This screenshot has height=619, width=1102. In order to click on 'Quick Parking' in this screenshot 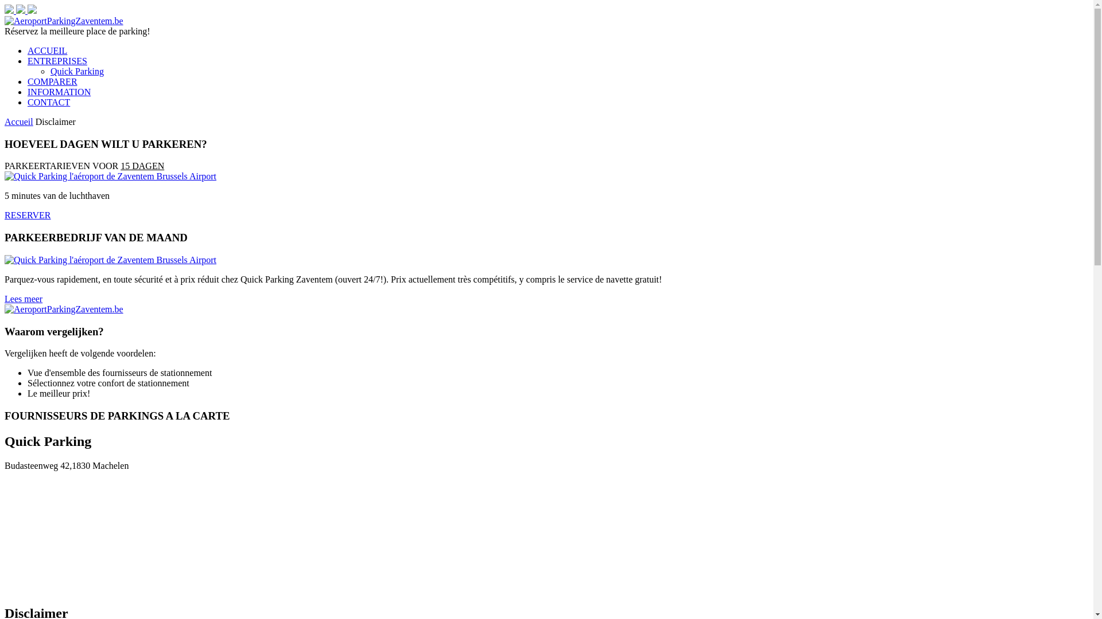, I will do `click(76, 71)`.